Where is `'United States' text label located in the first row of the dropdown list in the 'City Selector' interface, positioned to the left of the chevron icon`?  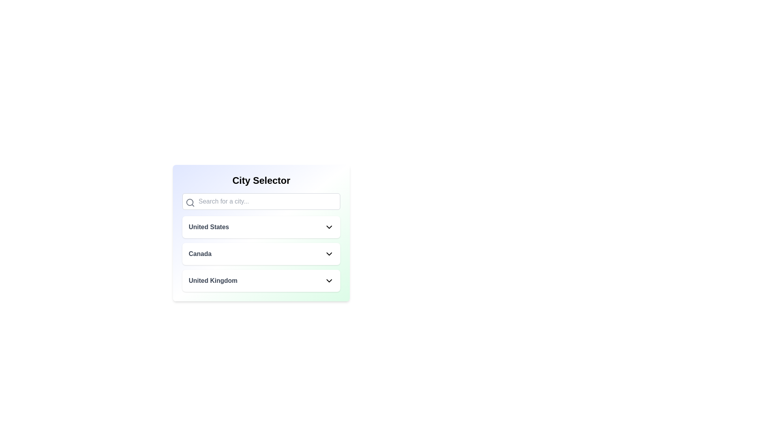
'United States' text label located in the first row of the dropdown list in the 'City Selector' interface, positioned to the left of the chevron icon is located at coordinates (209, 227).